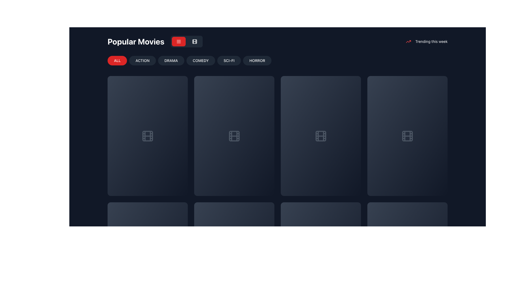 Image resolution: width=510 pixels, height=286 pixels. What do you see at coordinates (234, 136) in the screenshot?
I see `the film reel icon component located in the center of the second card of the first row in the grid layout` at bounding box center [234, 136].